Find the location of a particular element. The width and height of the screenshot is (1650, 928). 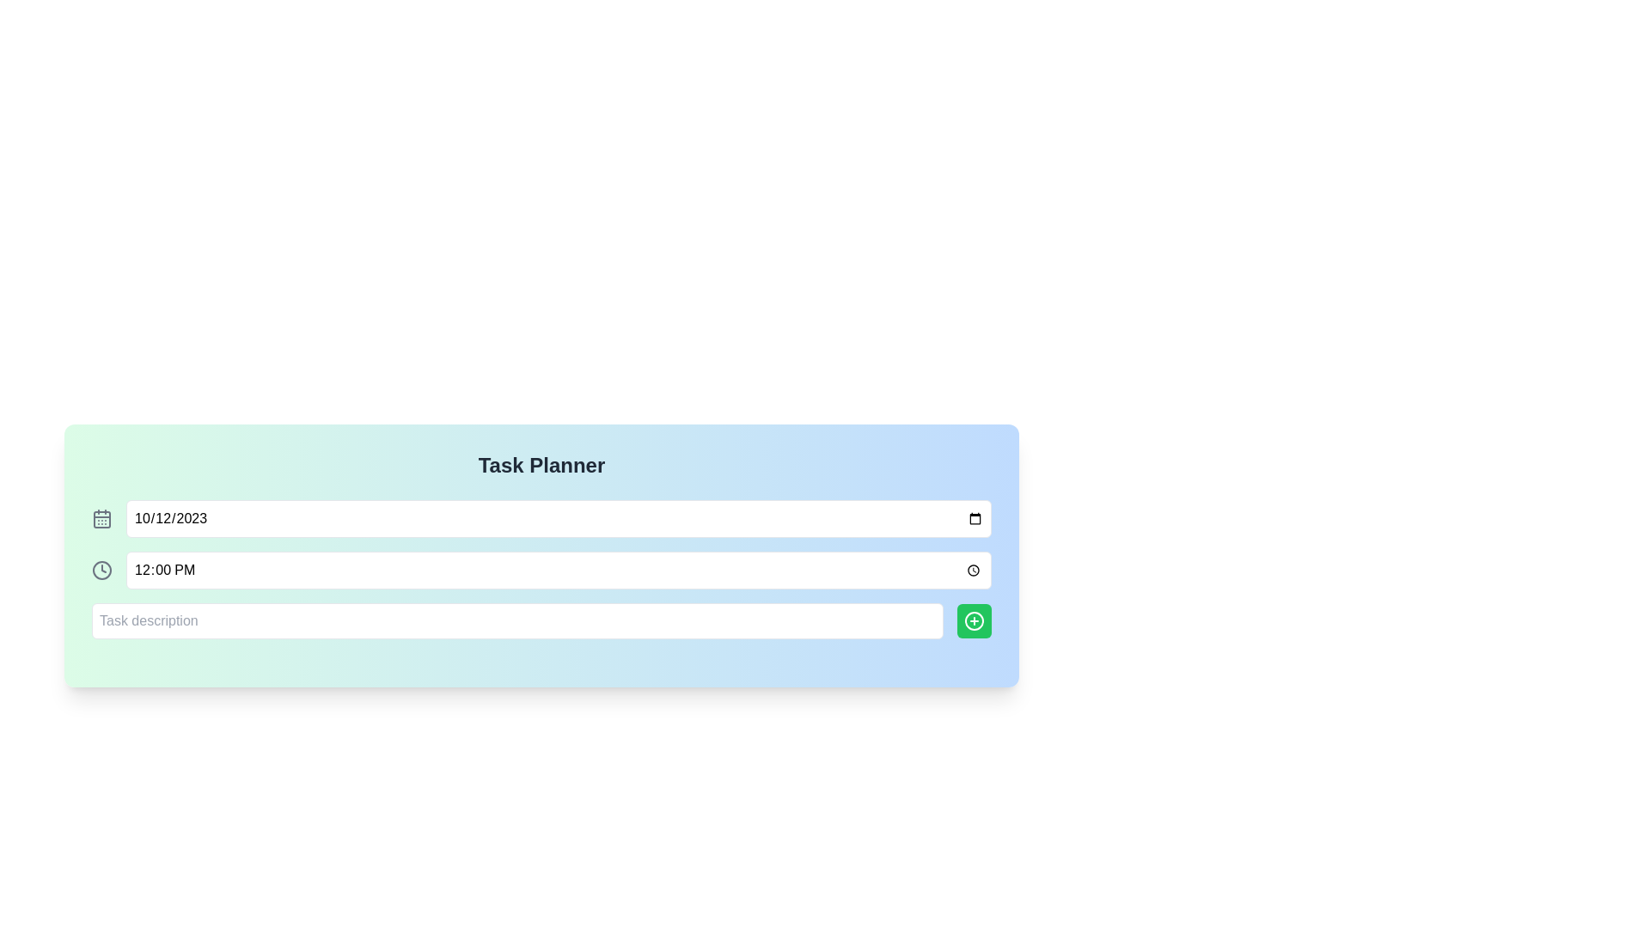

the calendar icon, which features a gray color scheme and rounded corners, positioned to the left of an adjacent date input field is located at coordinates (101, 518).